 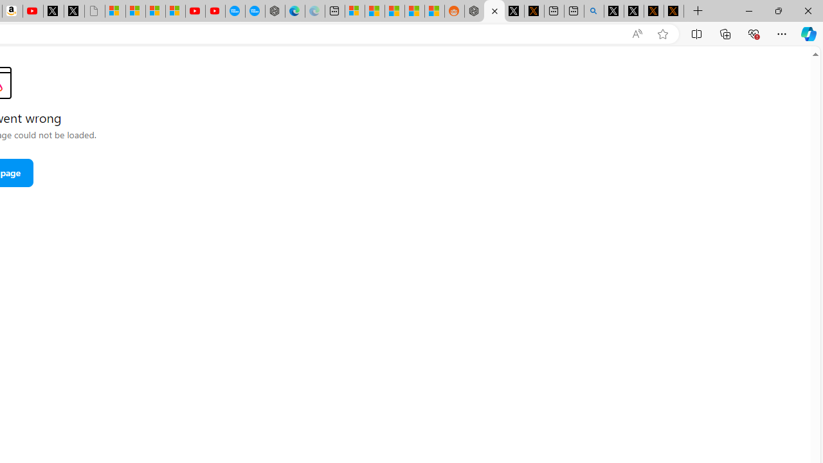 I want to click on 'The most popular Google ', so click(x=255, y=11).